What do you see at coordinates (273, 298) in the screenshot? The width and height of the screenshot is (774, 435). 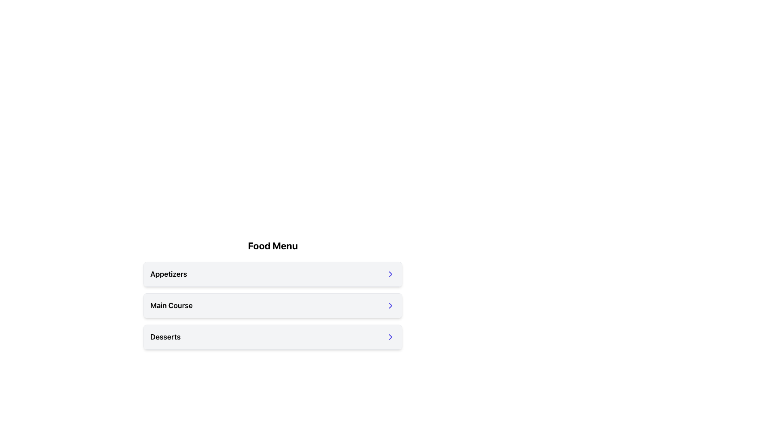 I see `the 'Main Course' section within the 'Food Menu'` at bounding box center [273, 298].